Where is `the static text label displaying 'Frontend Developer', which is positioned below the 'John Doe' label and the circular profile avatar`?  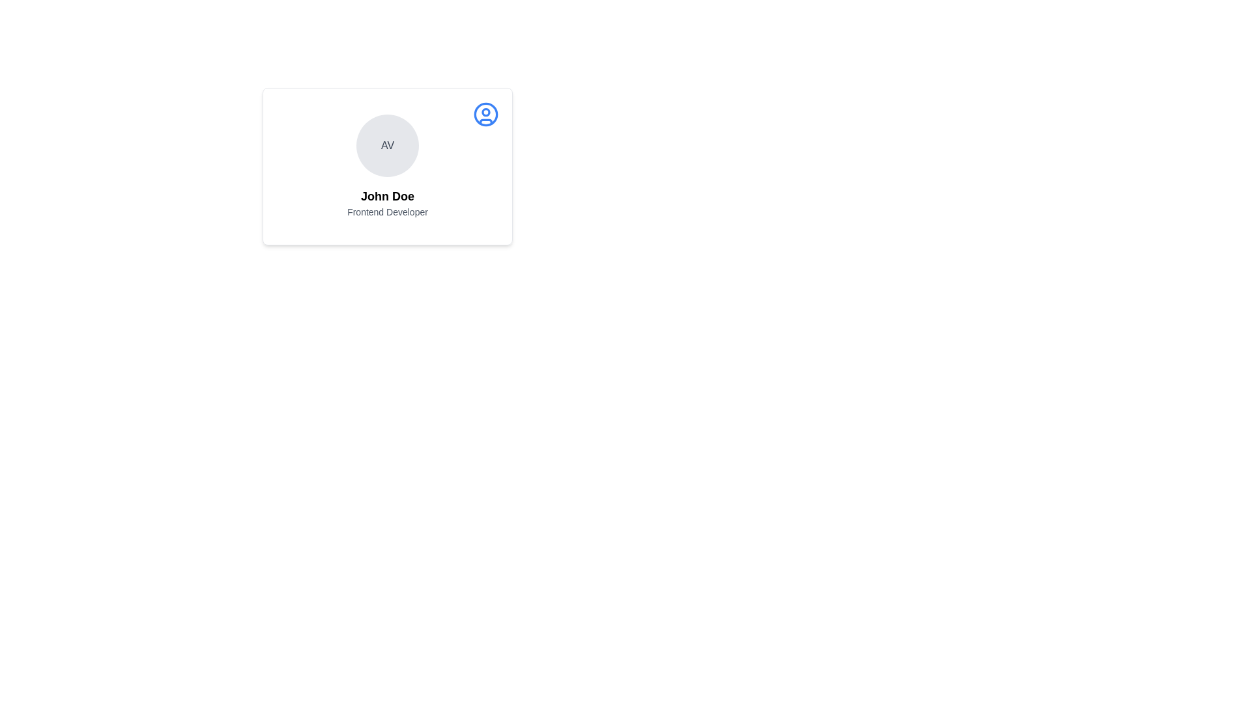
the static text label displaying 'Frontend Developer', which is positioned below the 'John Doe' label and the circular profile avatar is located at coordinates (387, 212).